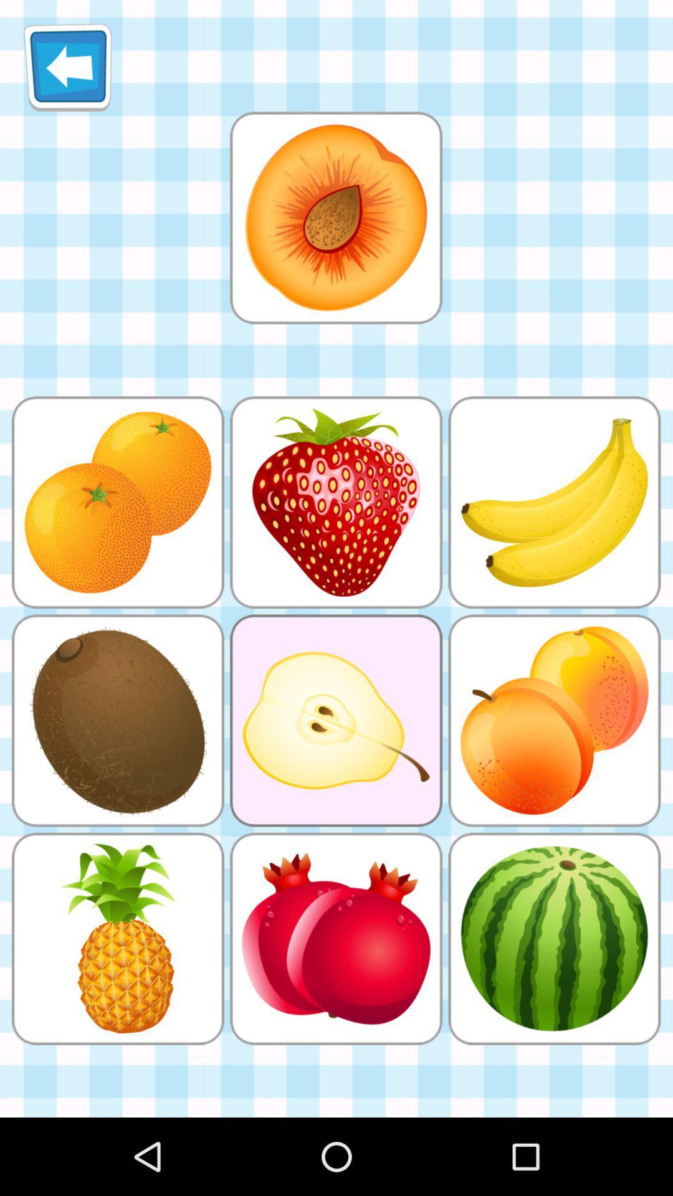 The image size is (673, 1196). What do you see at coordinates (335, 217) in the screenshot?
I see `selects the peach option` at bounding box center [335, 217].